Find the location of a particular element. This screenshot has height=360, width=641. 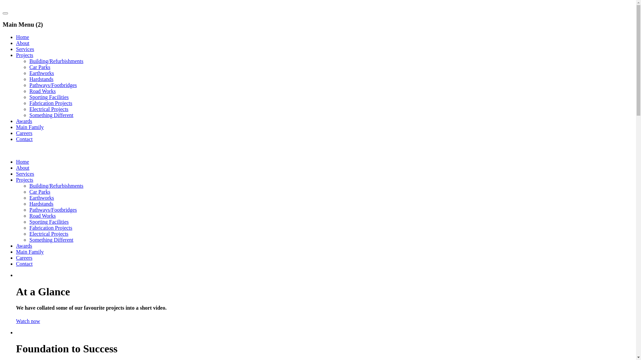

'Something Different' is located at coordinates (51, 115).